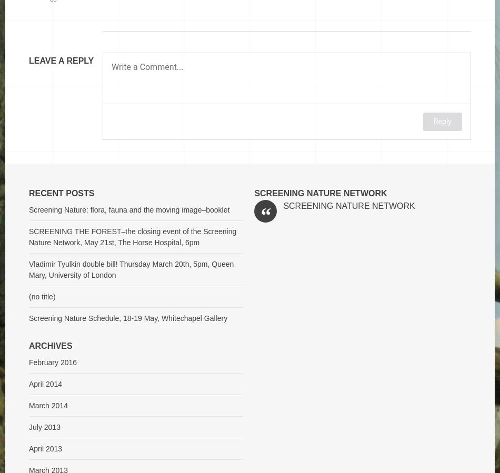 The image size is (500, 473). Describe the element at coordinates (131, 269) in the screenshot. I see `'Vladimir Tyulkin double bill! Thursday March 20th, 5pm, Queen Mary, University of London'` at that location.